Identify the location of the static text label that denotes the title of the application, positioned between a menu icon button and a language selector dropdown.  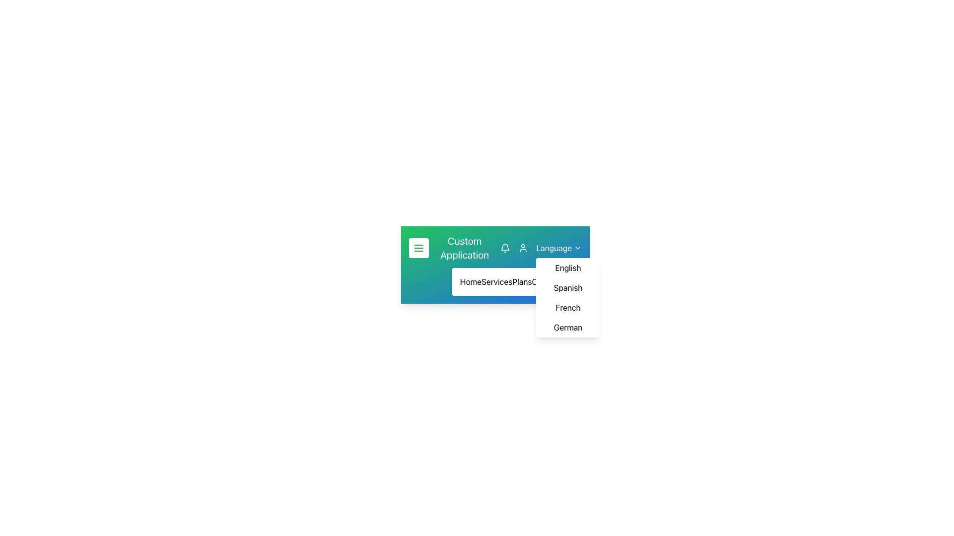
(464, 248).